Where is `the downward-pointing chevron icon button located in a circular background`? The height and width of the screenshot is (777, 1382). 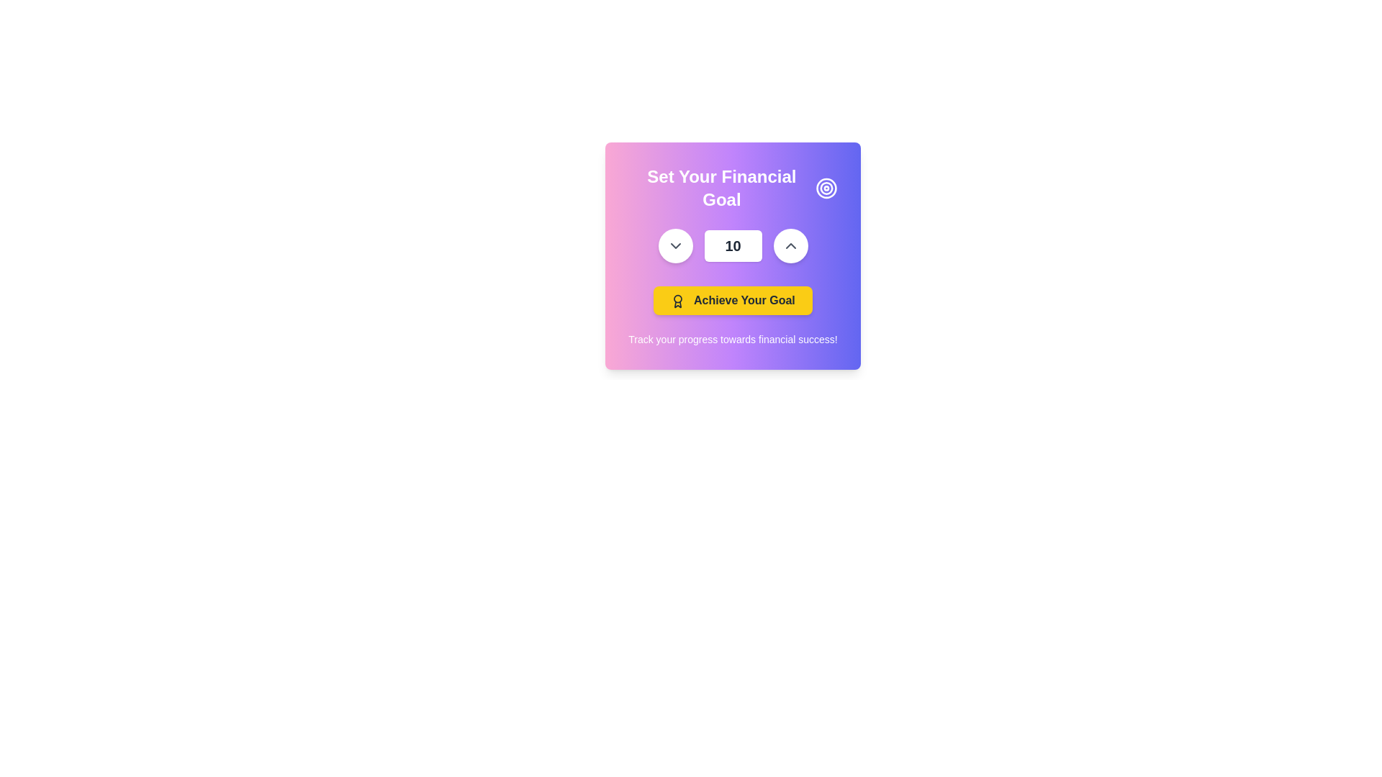 the downward-pointing chevron icon button located in a circular background is located at coordinates (674, 245).